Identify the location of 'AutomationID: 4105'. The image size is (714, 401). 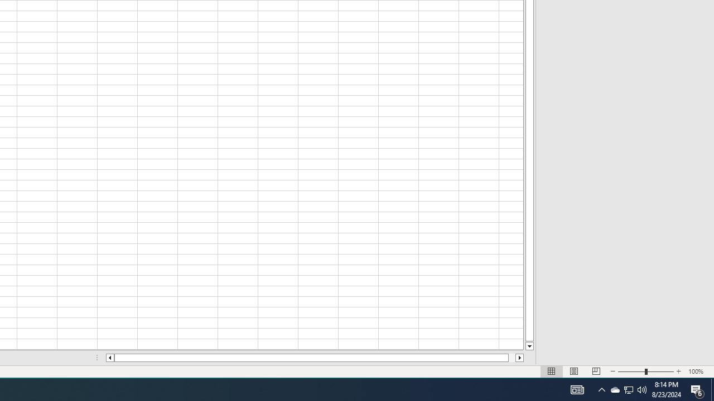
(577, 389).